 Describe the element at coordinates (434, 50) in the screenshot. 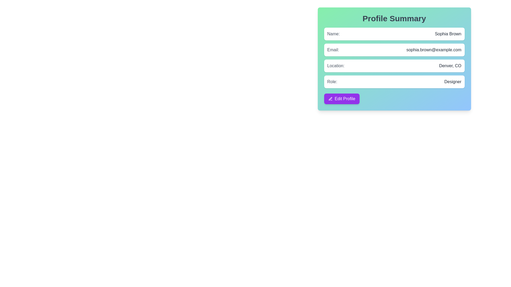

I see `on the Text Display element that shows the user's email address, which is located in the 'Email' section of the profile summary card, right next` at that location.